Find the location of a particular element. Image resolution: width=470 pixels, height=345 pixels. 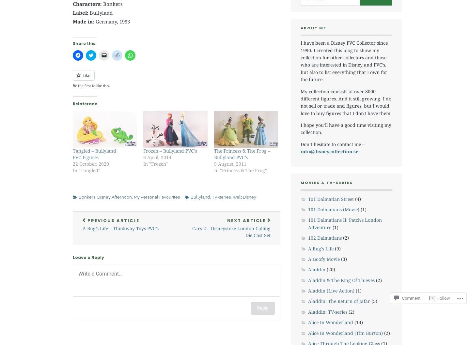

'Walt Disney' is located at coordinates (232, 197).